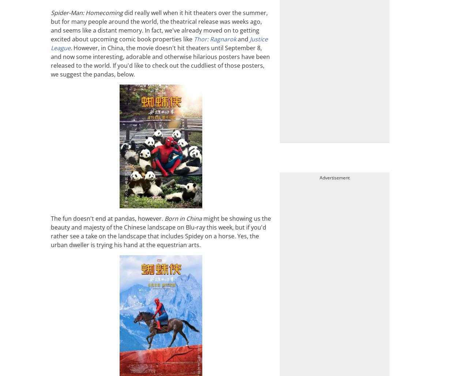 Image resolution: width=470 pixels, height=376 pixels. Describe the element at coordinates (107, 218) in the screenshot. I see `'The fun doesn't end at pandas, however.'` at that location.